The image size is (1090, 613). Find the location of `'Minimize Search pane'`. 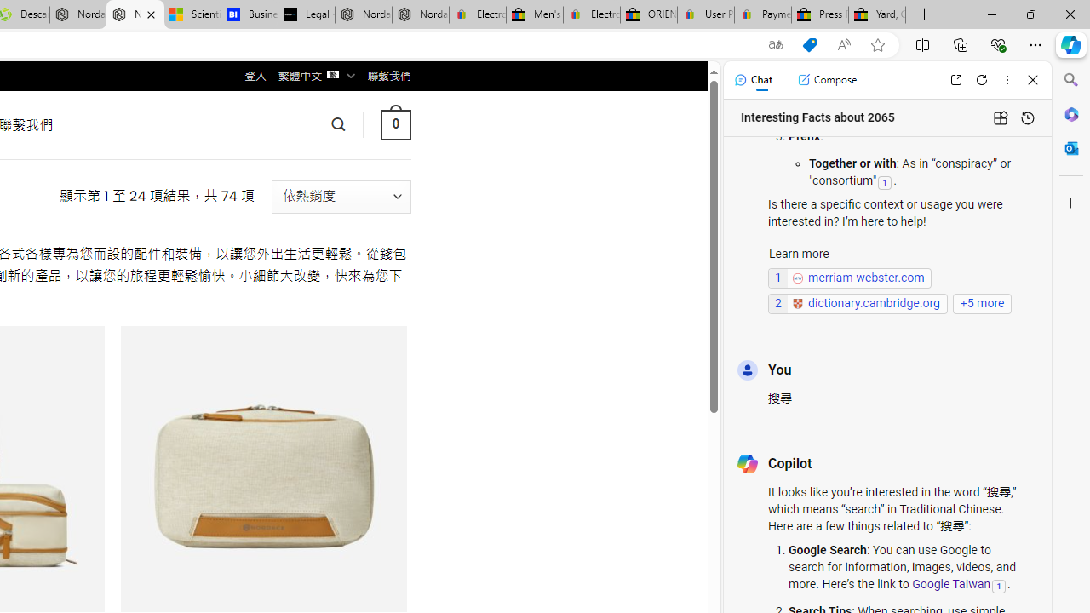

'Minimize Search pane' is located at coordinates (1070, 80).